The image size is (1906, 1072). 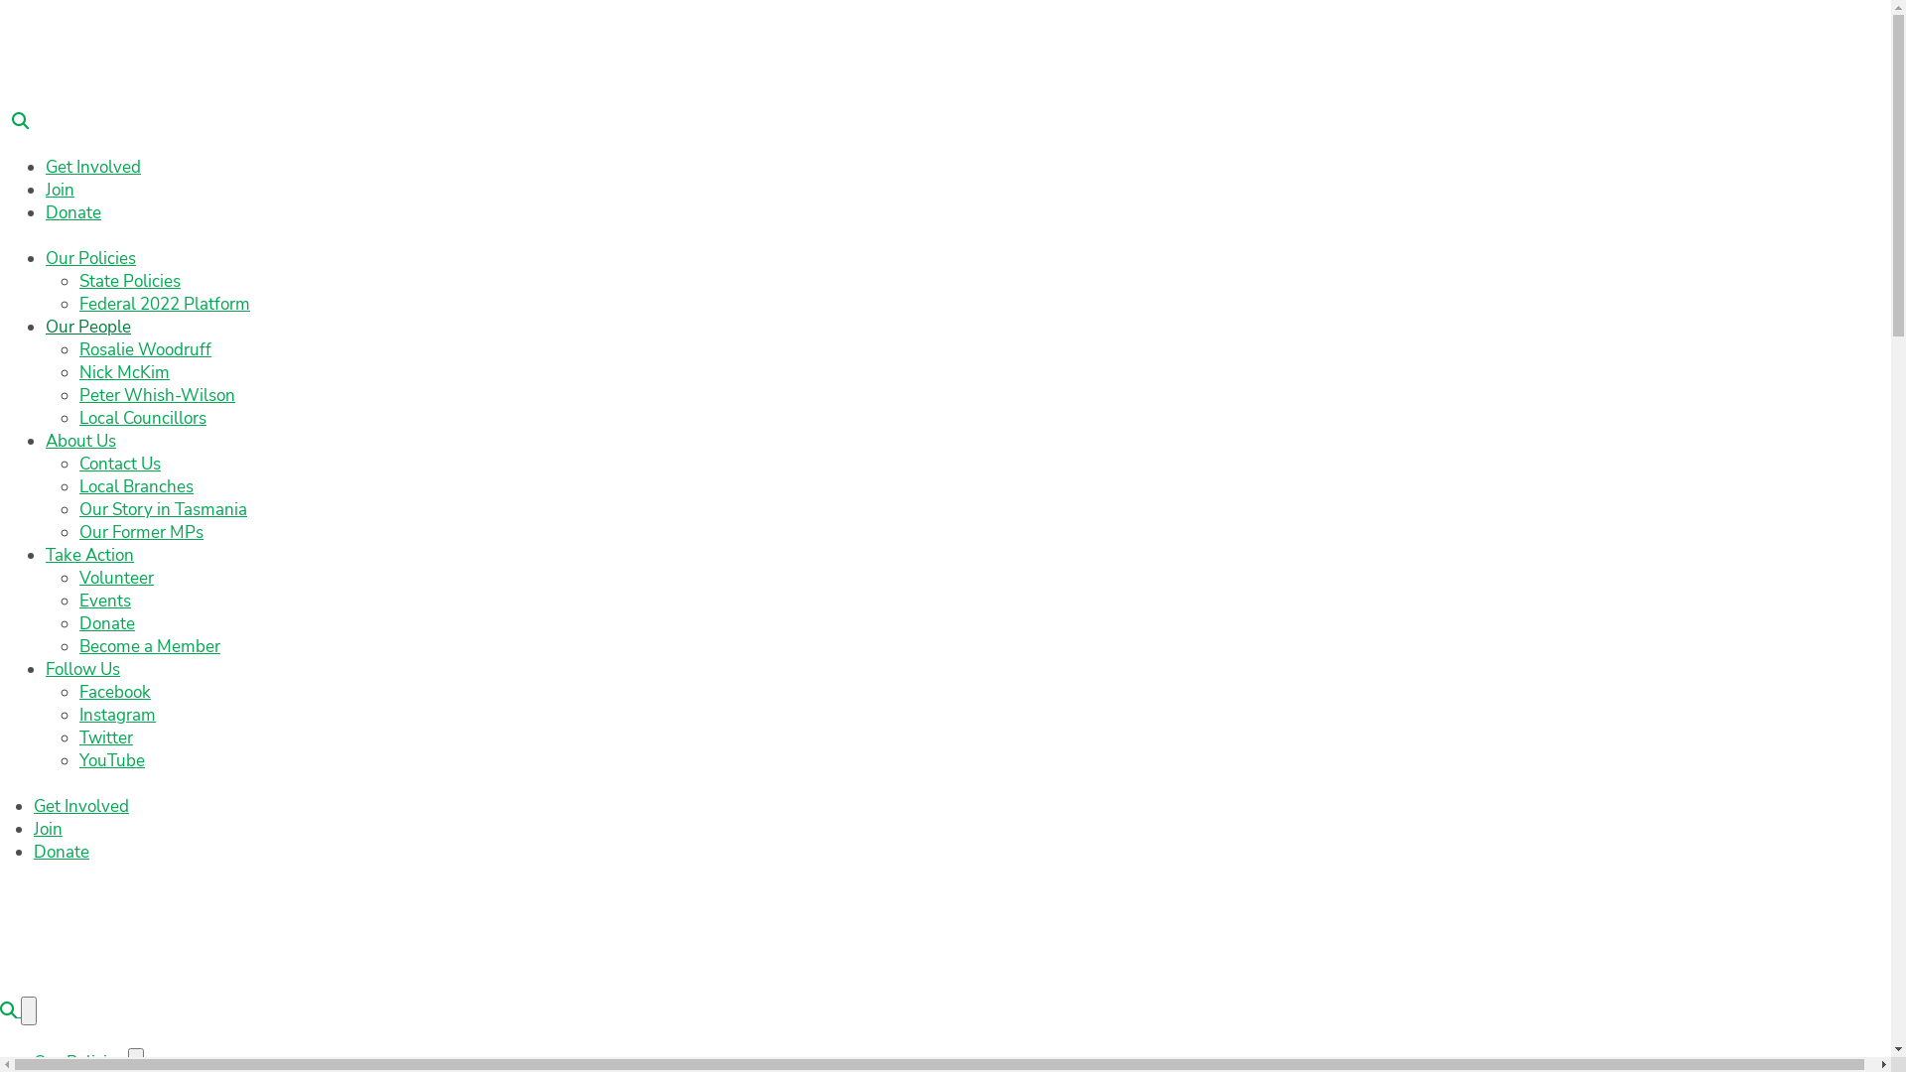 I want to click on 'Search', so click(x=10, y=1010).